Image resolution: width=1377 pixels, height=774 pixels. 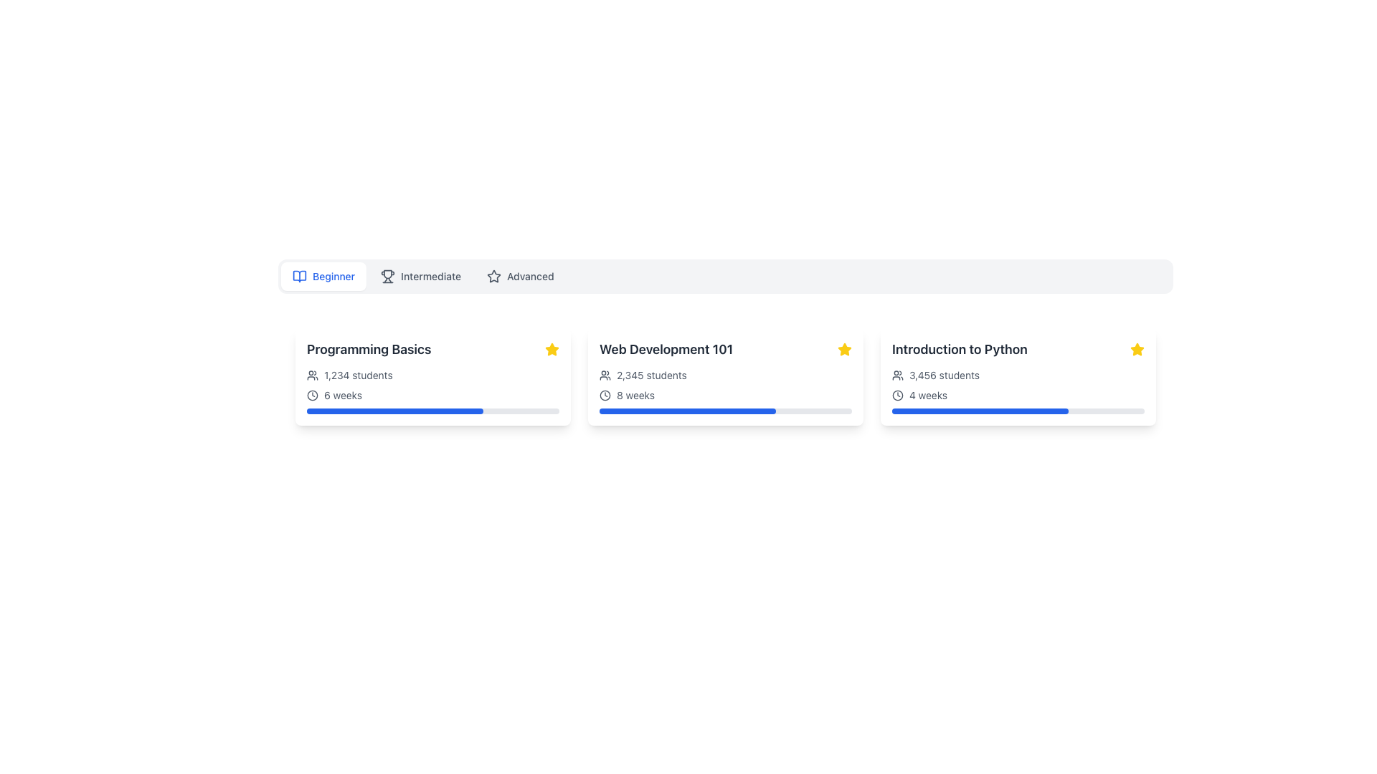 I want to click on the 'Intermediate' button, which is the second option in the row of selectable skill levels, so click(x=420, y=276).